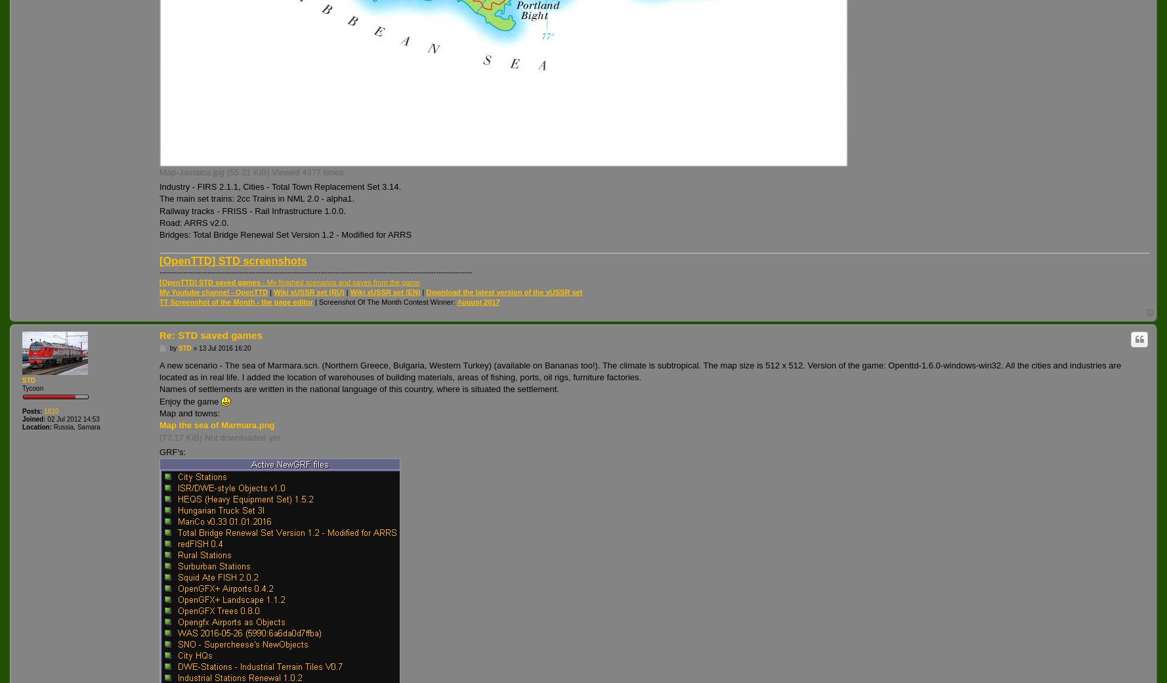 Image resolution: width=1167 pixels, height=683 pixels. I want to click on 'Location:', so click(37, 426).